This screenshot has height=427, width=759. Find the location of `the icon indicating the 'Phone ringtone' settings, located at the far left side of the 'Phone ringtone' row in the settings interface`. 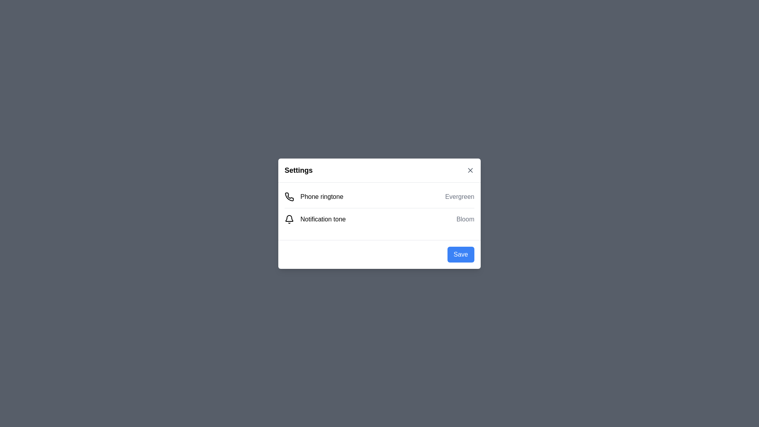

the icon indicating the 'Phone ringtone' settings, located at the far left side of the 'Phone ringtone' row in the settings interface is located at coordinates (289, 196).